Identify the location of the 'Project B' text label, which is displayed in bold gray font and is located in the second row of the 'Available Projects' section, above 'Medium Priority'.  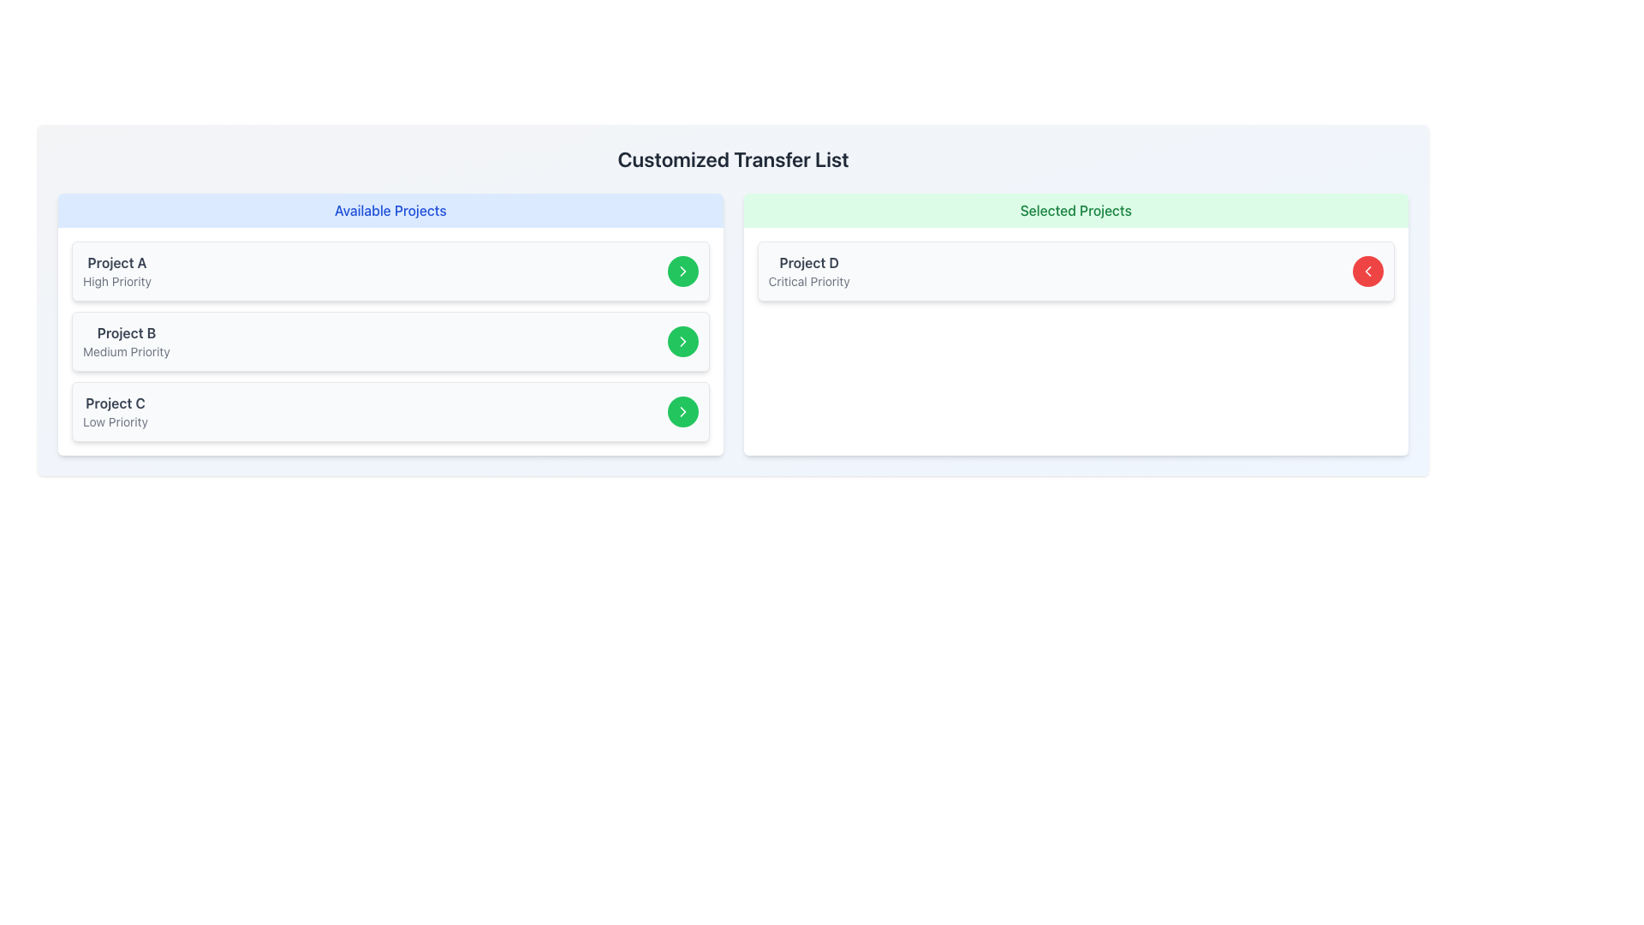
(125, 333).